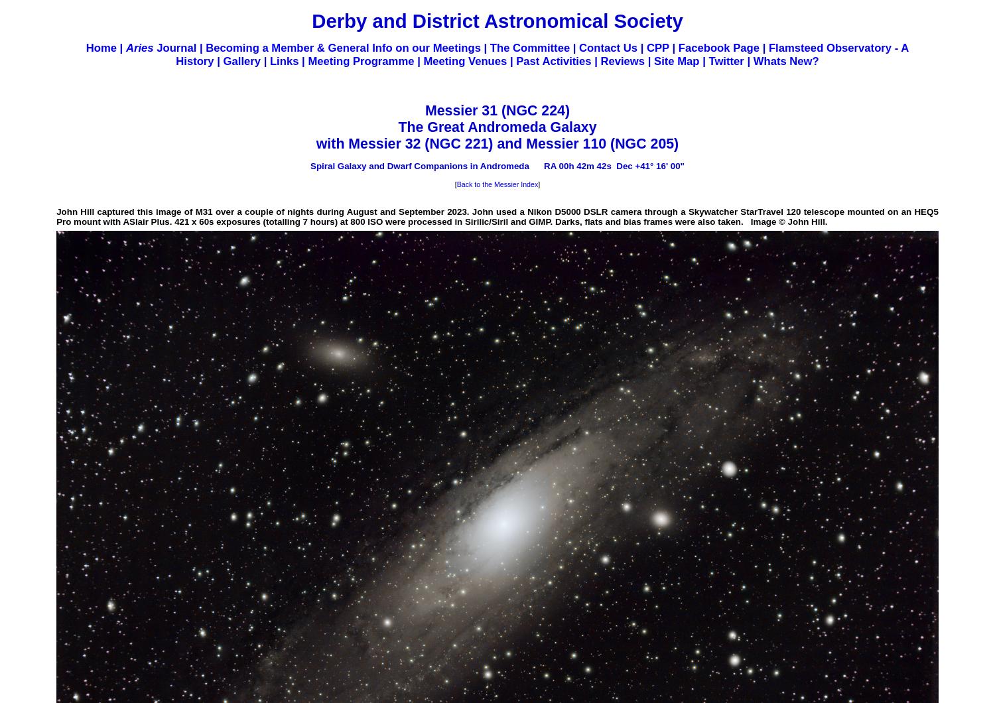 Image resolution: width=995 pixels, height=703 pixels. What do you see at coordinates (456, 183) in the screenshot?
I see `'Back to the Messier Index'` at bounding box center [456, 183].